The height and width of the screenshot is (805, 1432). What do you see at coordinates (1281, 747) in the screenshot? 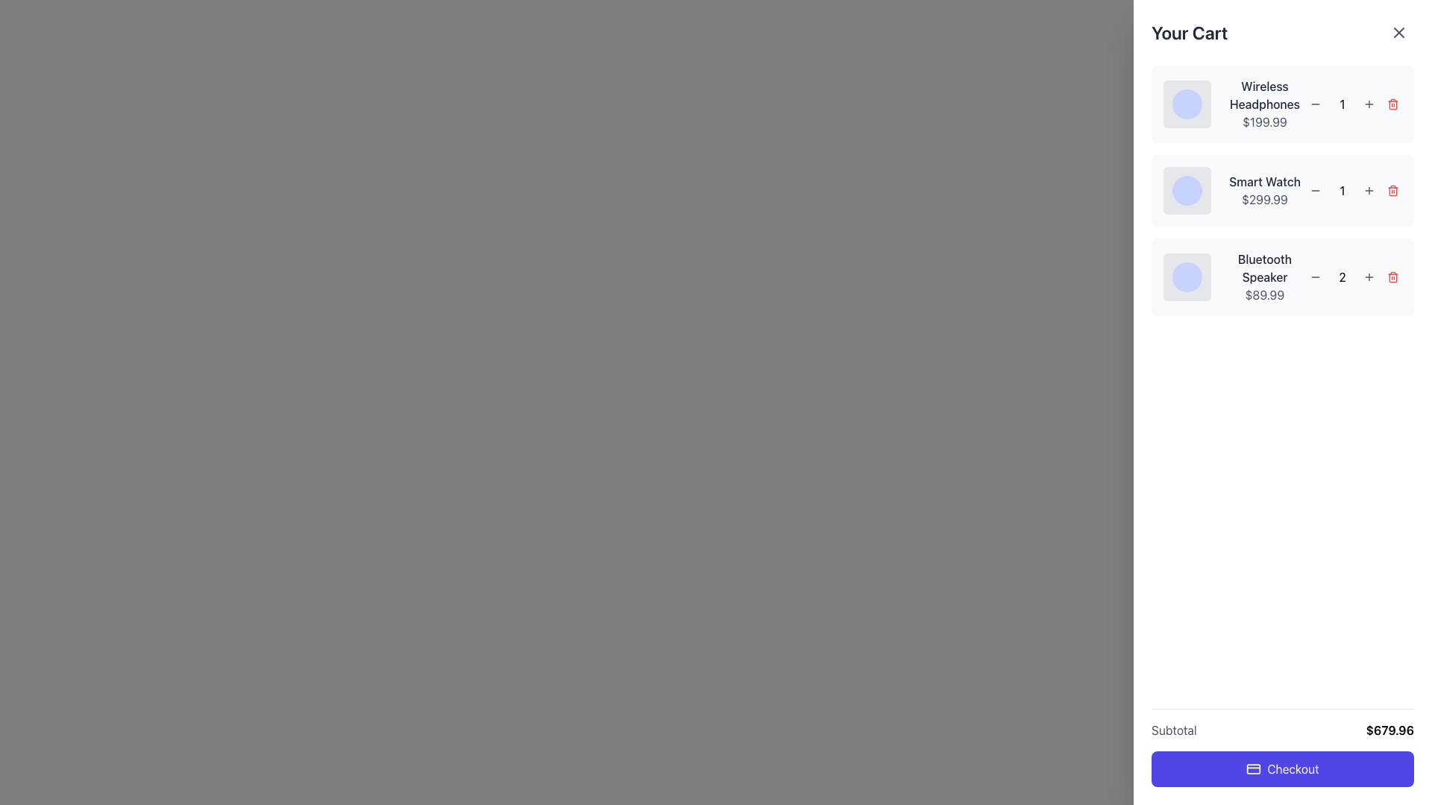
I see `the 'Checkout' button located at the bottom of the shopping cart section, which has a purple background and white text, to observe its hover effect` at bounding box center [1281, 747].